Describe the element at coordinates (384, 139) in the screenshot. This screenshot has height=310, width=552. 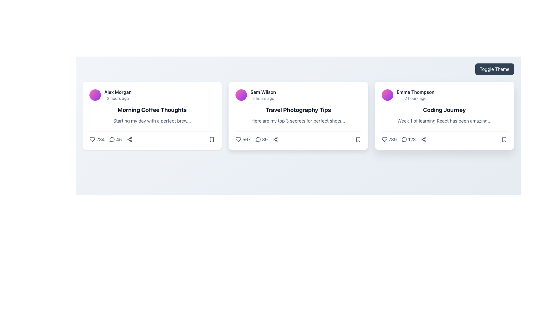
I see `the heart icon located in the bottom-left section of the third card` at that location.